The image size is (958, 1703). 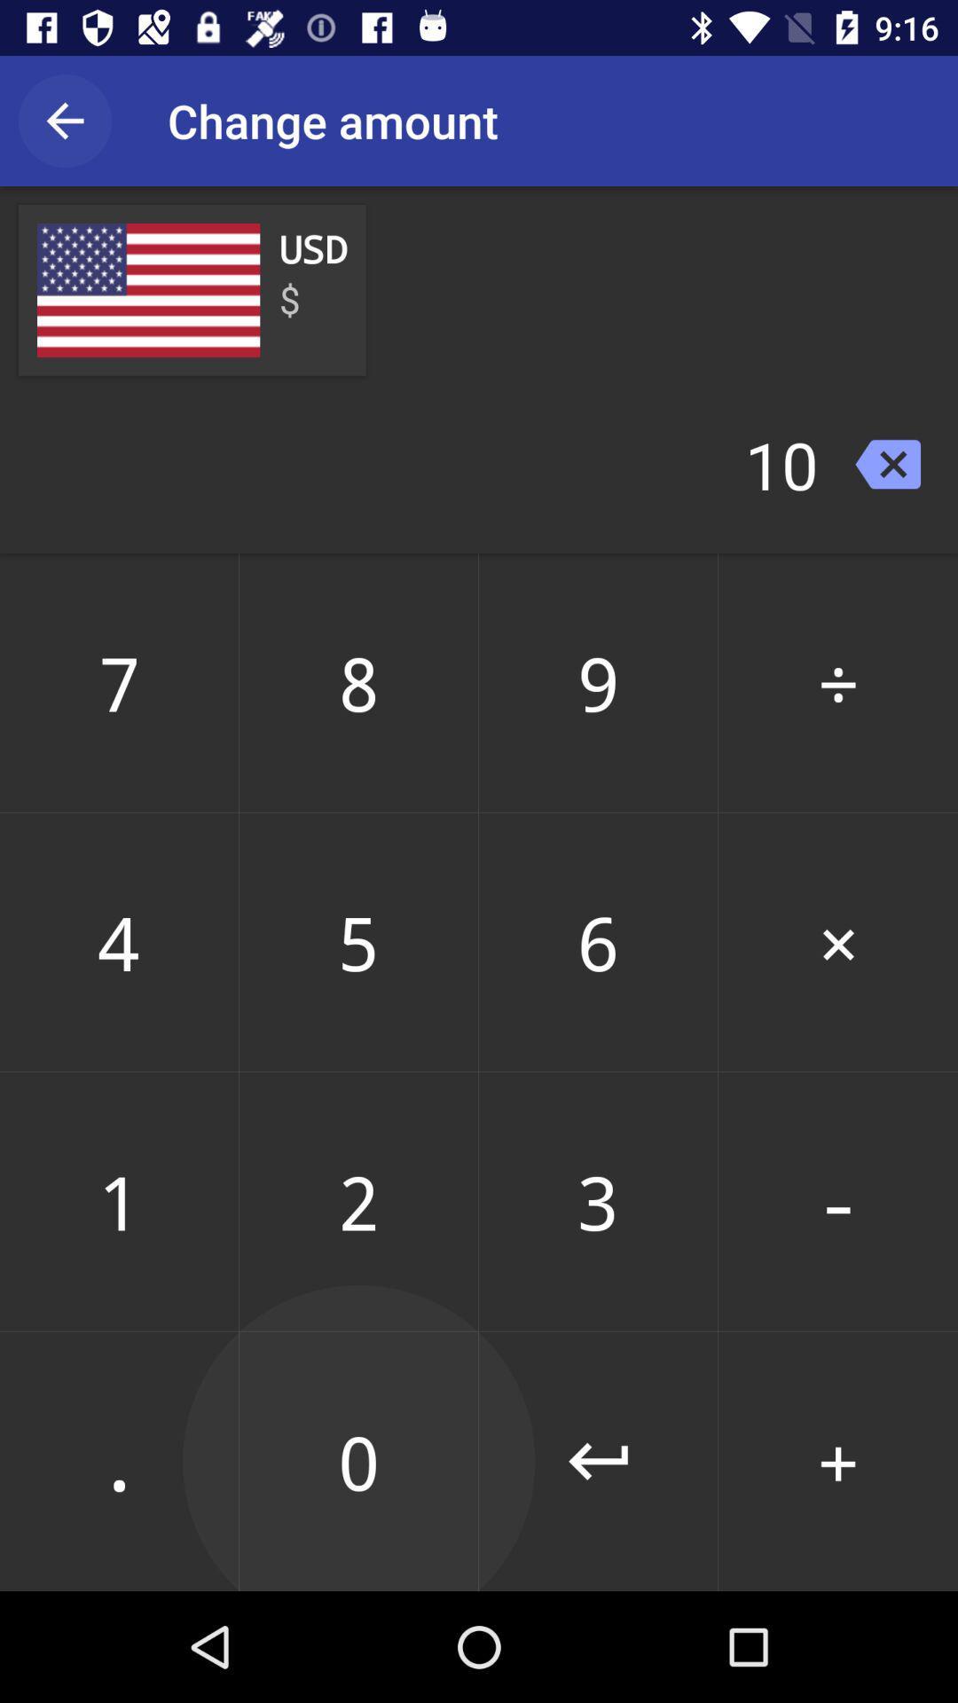 I want to click on item to the right of 2 item, so click(x=598, y=1461).